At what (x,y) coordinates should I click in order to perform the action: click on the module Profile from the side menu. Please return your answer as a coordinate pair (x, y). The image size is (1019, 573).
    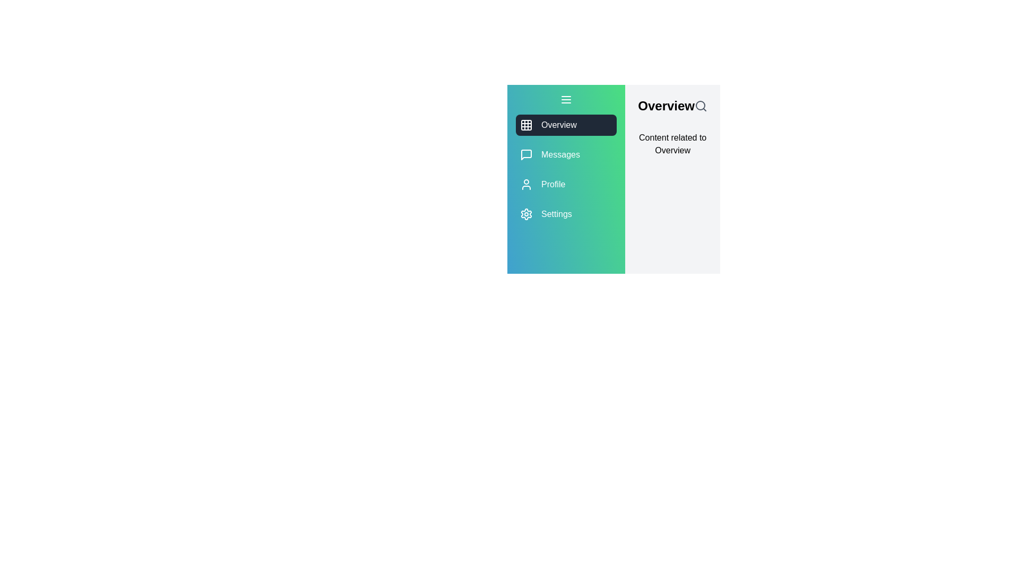
    Looking at the image, I should click on (565, 184).